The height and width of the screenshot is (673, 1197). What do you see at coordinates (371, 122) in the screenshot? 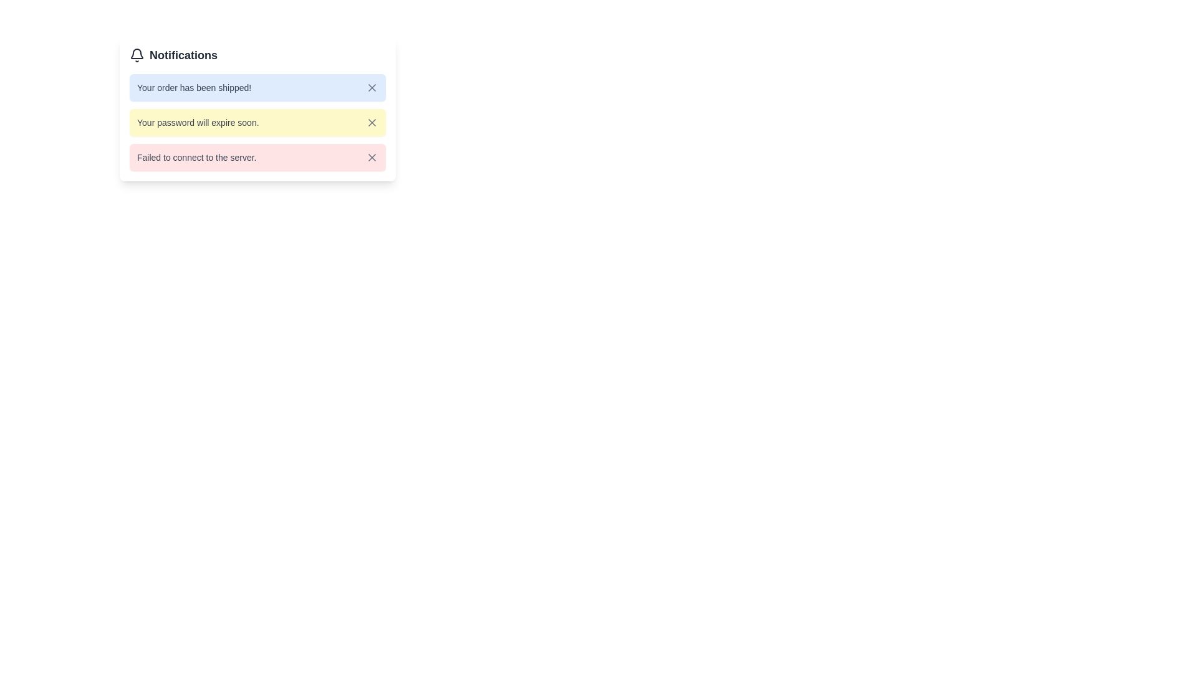
I see `the diagonal line element within the 'X' shape at the far right of the notification message indicating 'Your password will expire soon'` at bounding box center [371, 122].